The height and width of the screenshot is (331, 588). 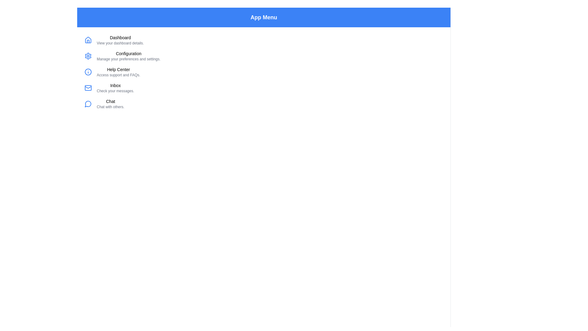 What do you see at coordinates (119, 75) in the screenshot?
I see `the descriptive text located directly beneath the 'Help Center' heading in the vertical navigation menu` at bounding box center [119, 75].